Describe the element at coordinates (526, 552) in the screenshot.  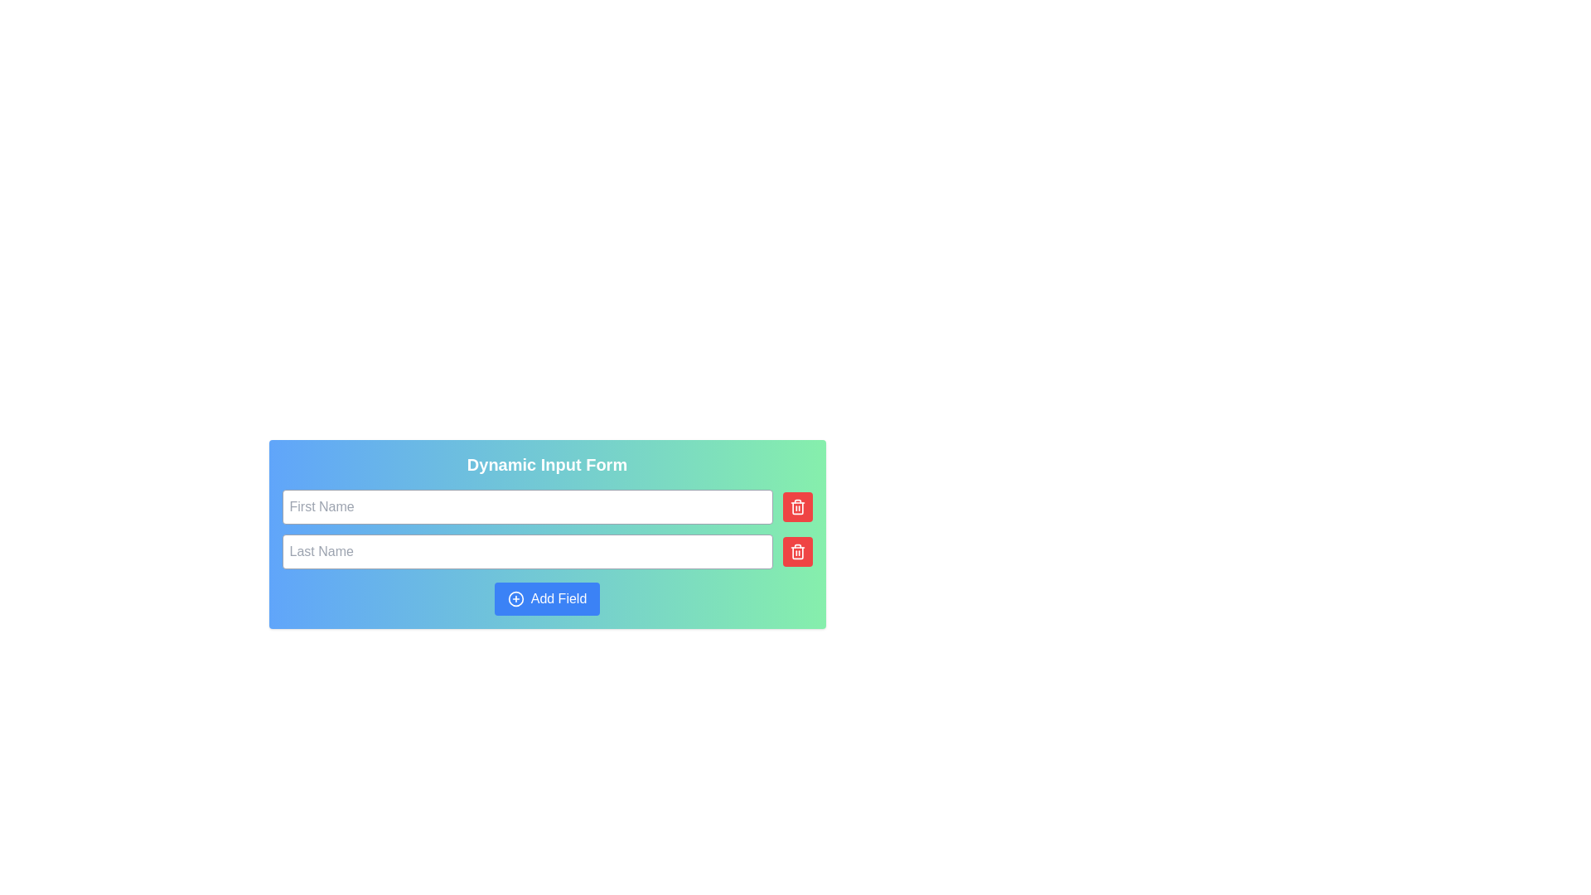
I see `the 'Last Name' input field` at that location.